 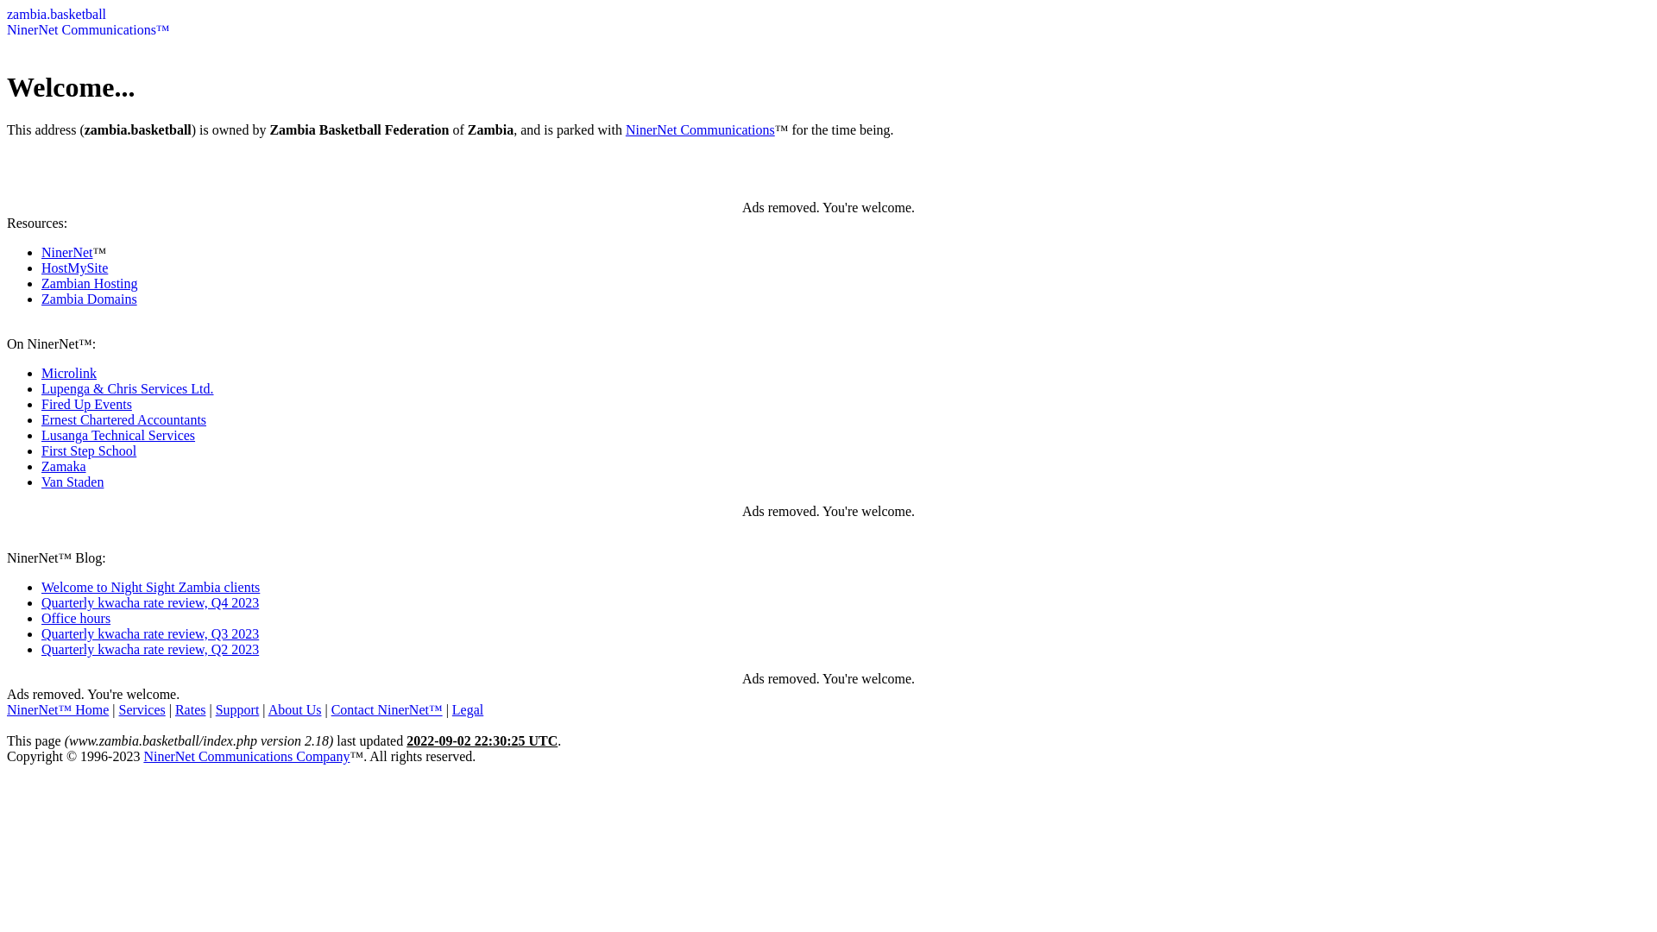 I want to click on 'Services', so click(x=142, y=709).